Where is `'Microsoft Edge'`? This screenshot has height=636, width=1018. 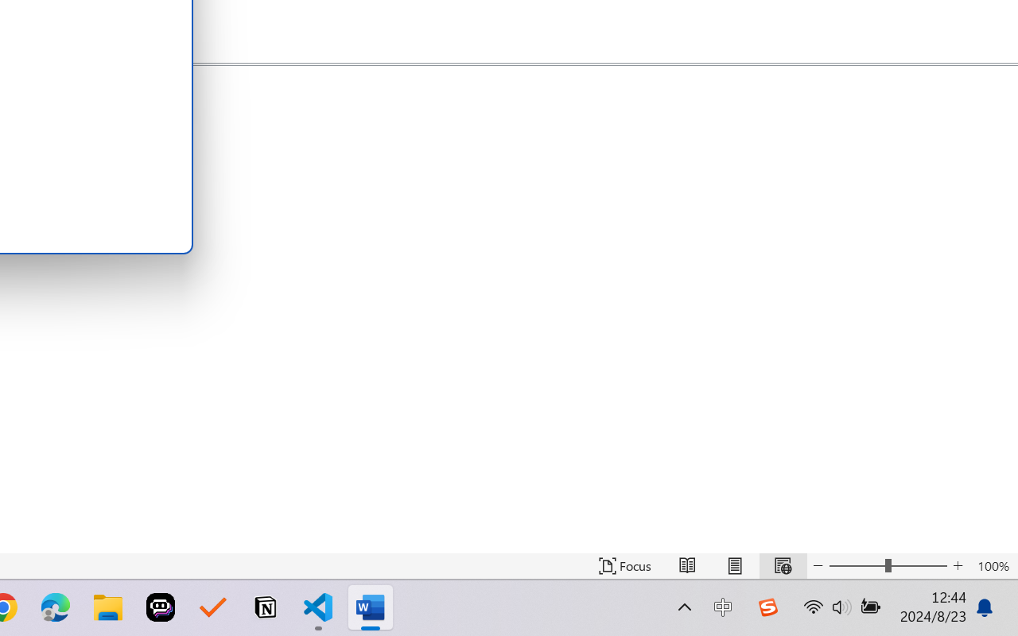
'Microsoft Edge' is located at coordinates (55, 607).